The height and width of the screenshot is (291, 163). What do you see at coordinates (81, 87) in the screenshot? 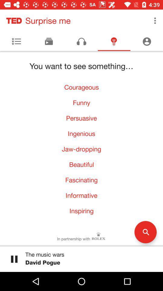
I see `the courageous icon` at bounding box center [81, 87].